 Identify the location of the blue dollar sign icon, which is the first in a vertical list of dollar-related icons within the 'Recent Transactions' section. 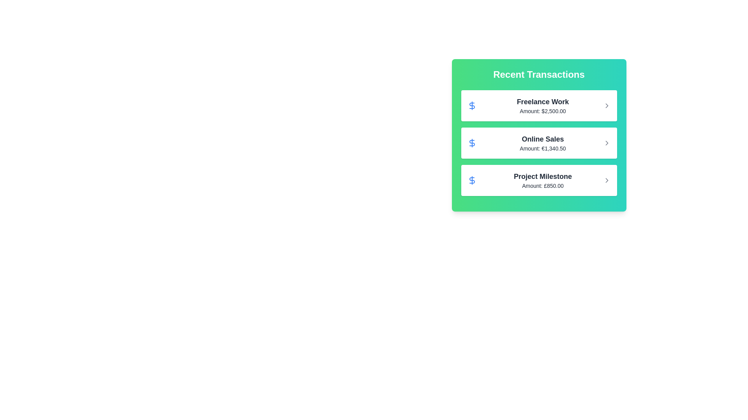
(471, 106).